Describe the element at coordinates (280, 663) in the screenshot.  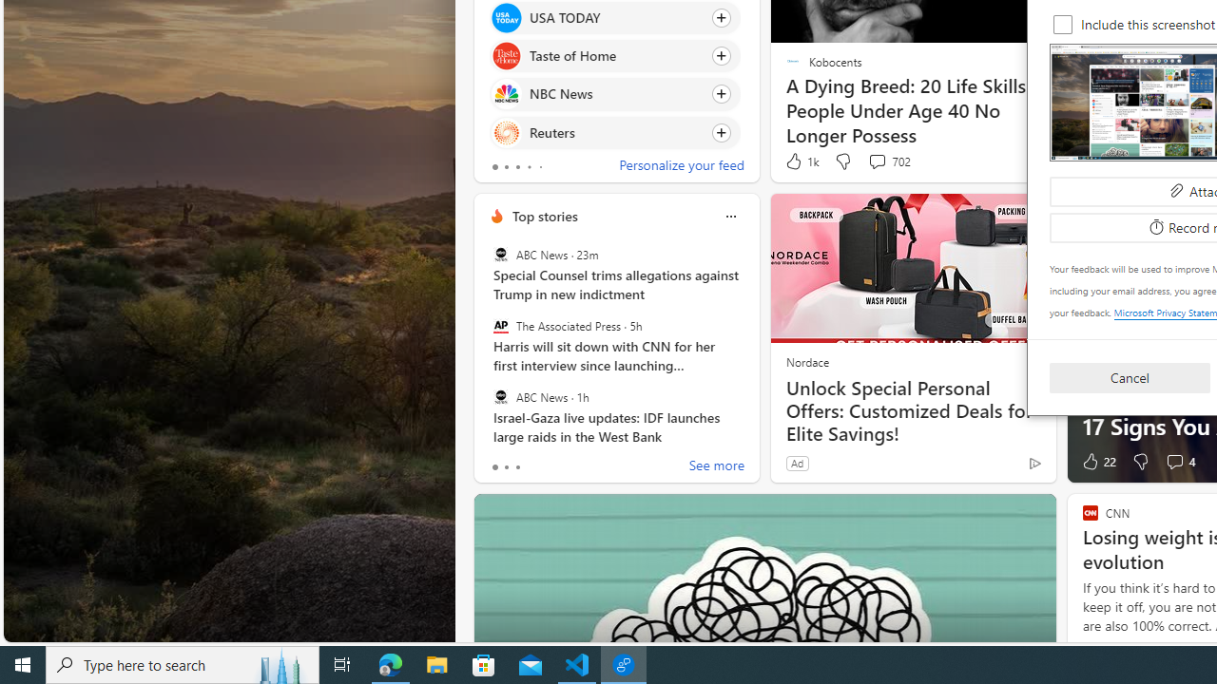
I see `'Search highlights icon opens search home window'` at that location.